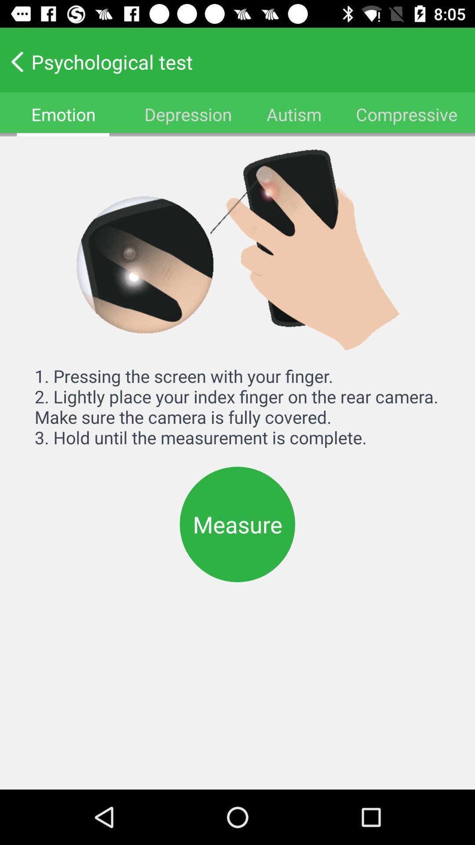 This screenshot has width=475, height=845. Describe the element at coordinates (294, 114) in the screenshot. I see `the autism icon` at that location.